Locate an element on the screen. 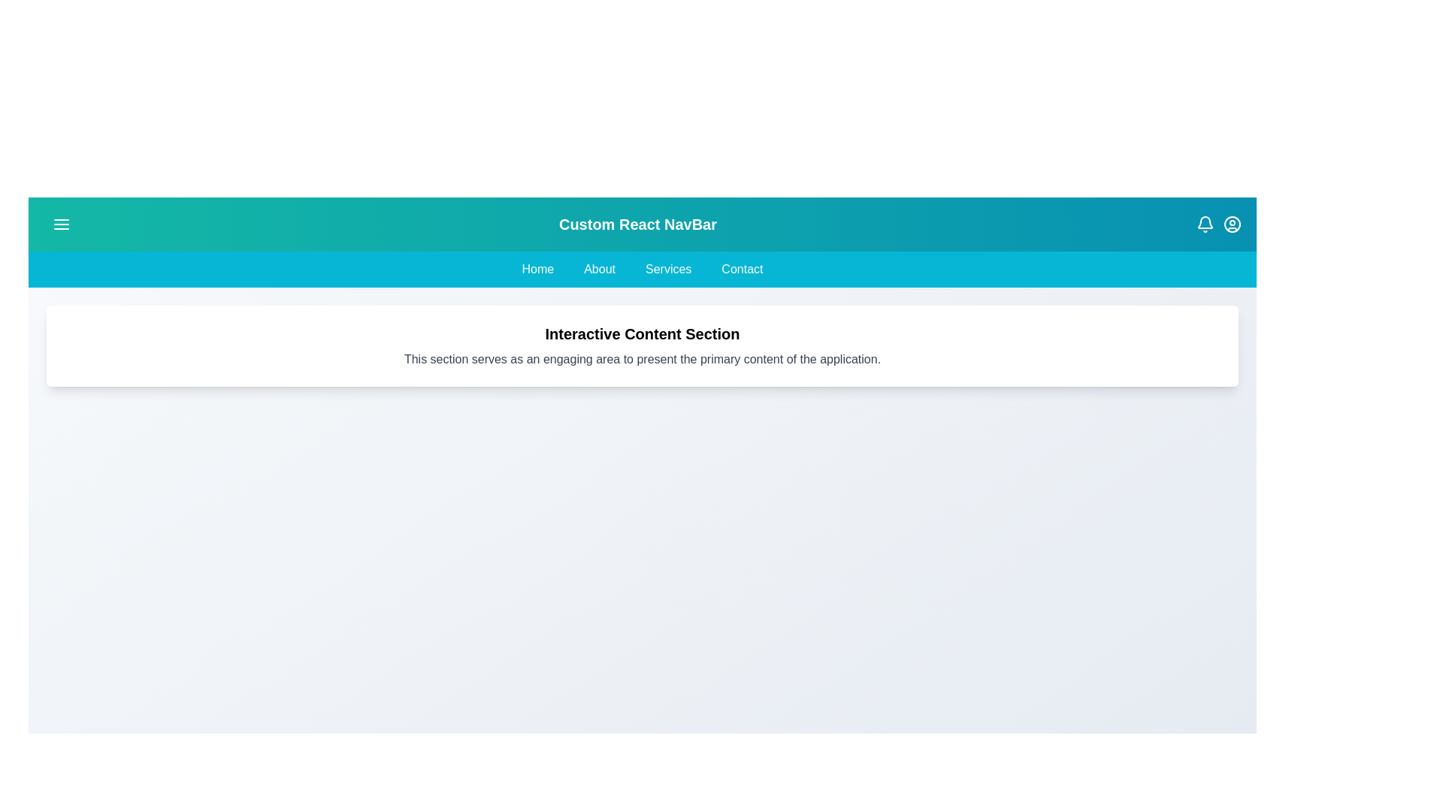  the 'Home' menu item to navigate to the 'Home' section is located at coordinates (537, 268).